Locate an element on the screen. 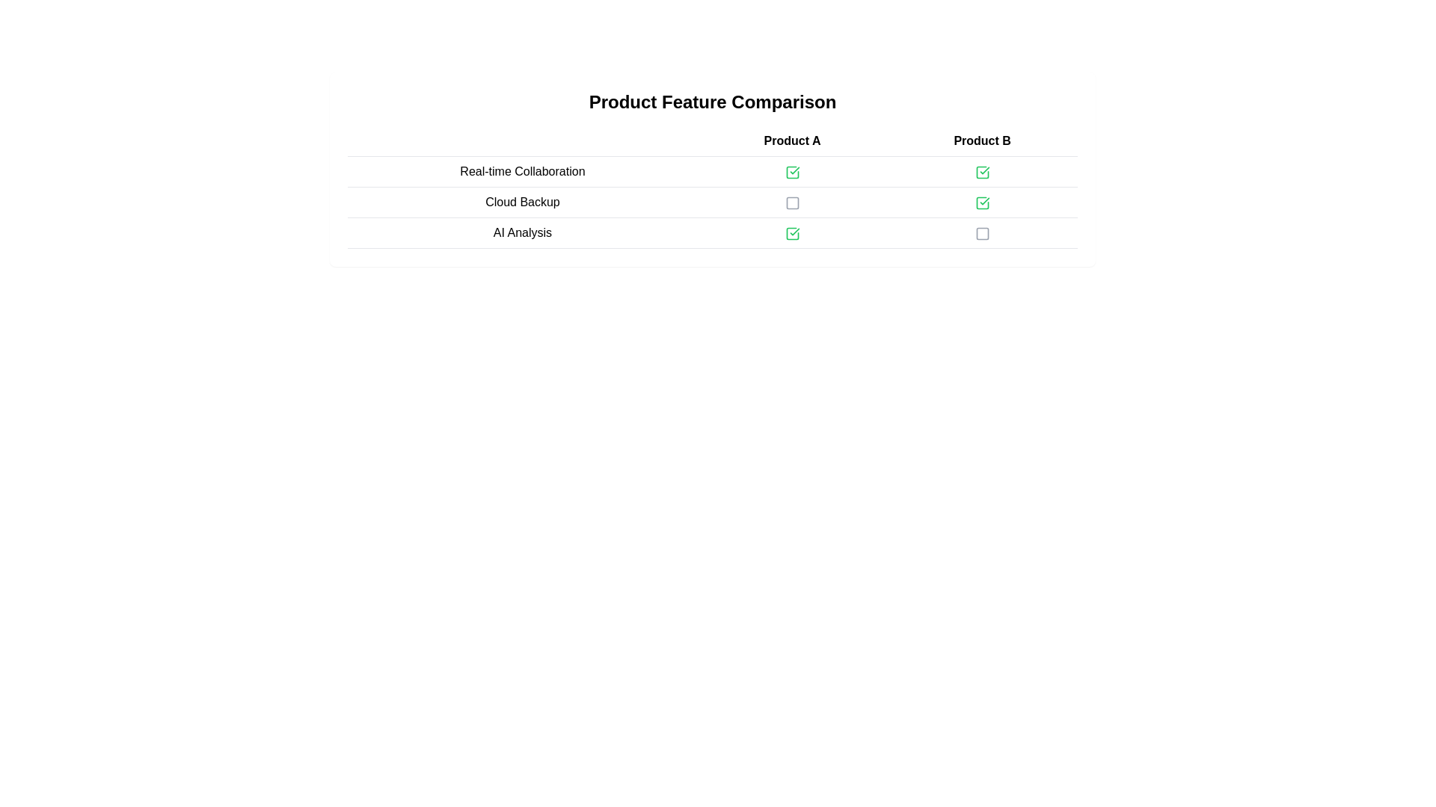  small square icon with a green border and a green checkmark in the second column of the first row in the 'Real-time Collaboration' comparison table is located at coordinates (982, 171).